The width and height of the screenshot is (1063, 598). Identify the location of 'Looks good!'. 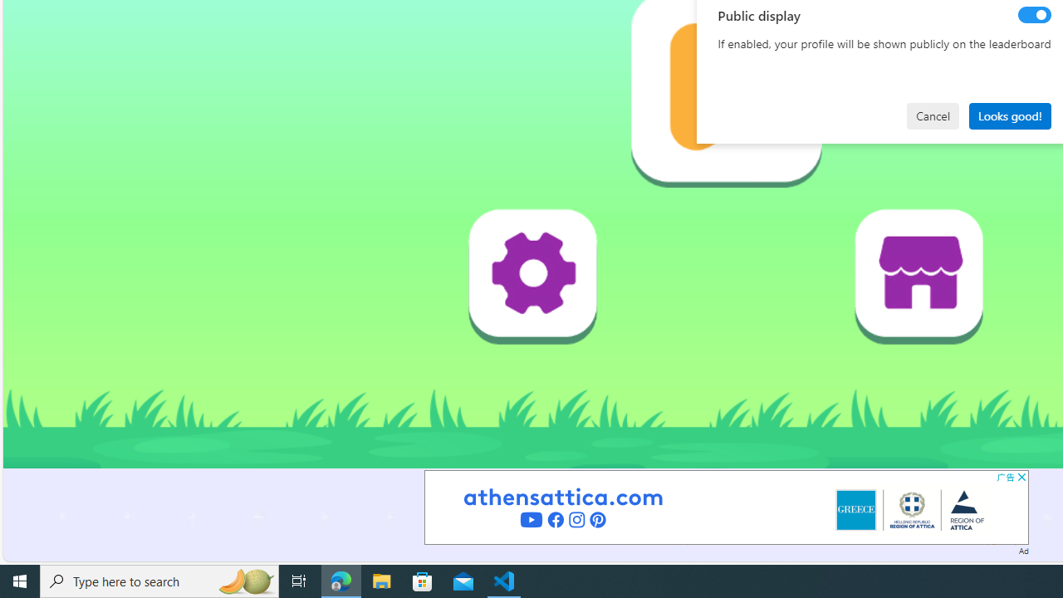
(1009, 115).